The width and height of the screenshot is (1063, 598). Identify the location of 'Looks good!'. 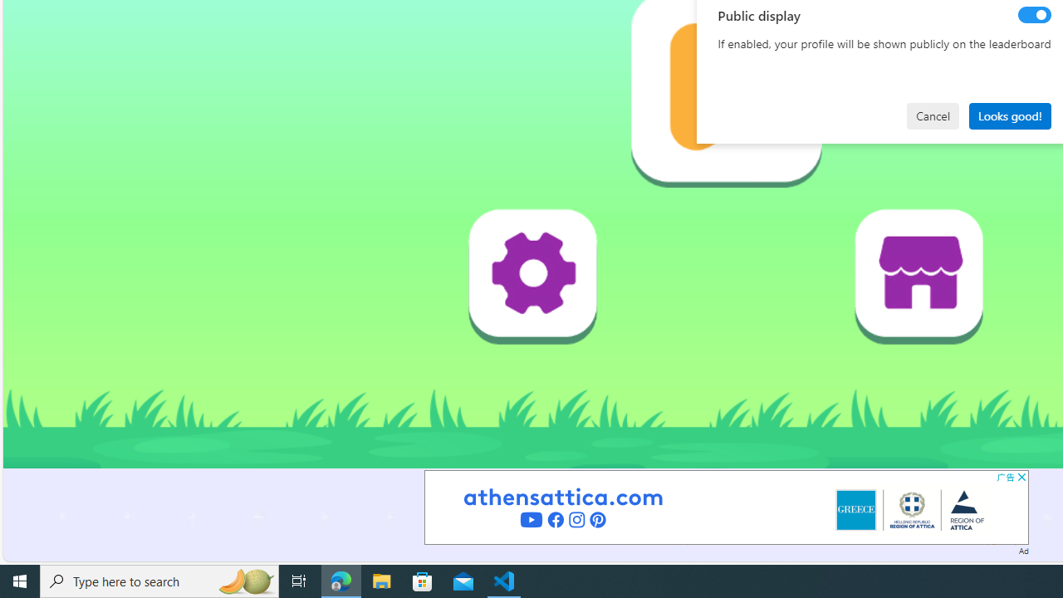
(1009, 115).